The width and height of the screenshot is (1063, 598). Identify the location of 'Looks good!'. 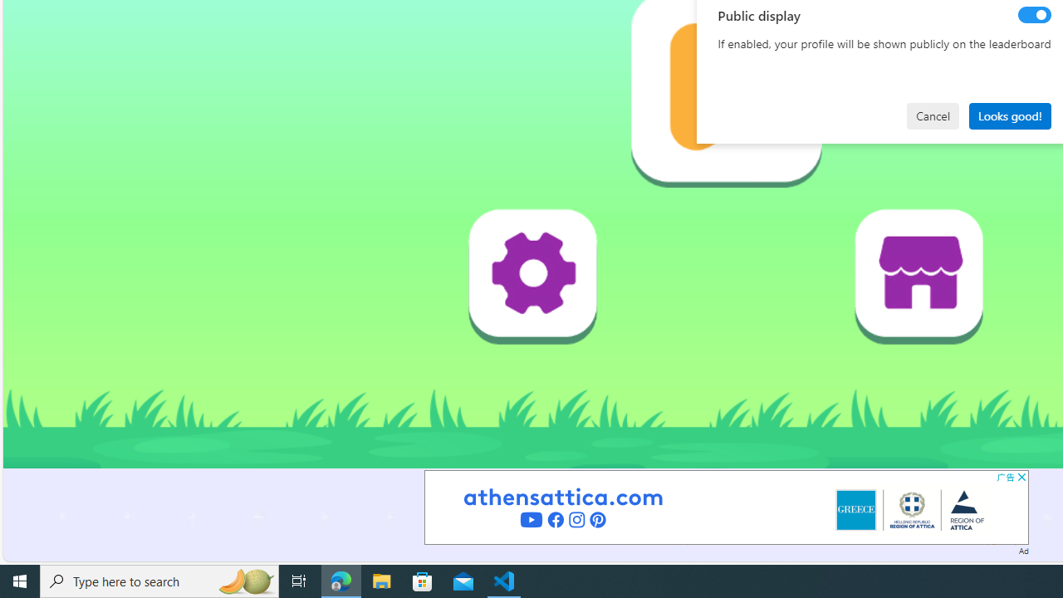
(1009, 115).